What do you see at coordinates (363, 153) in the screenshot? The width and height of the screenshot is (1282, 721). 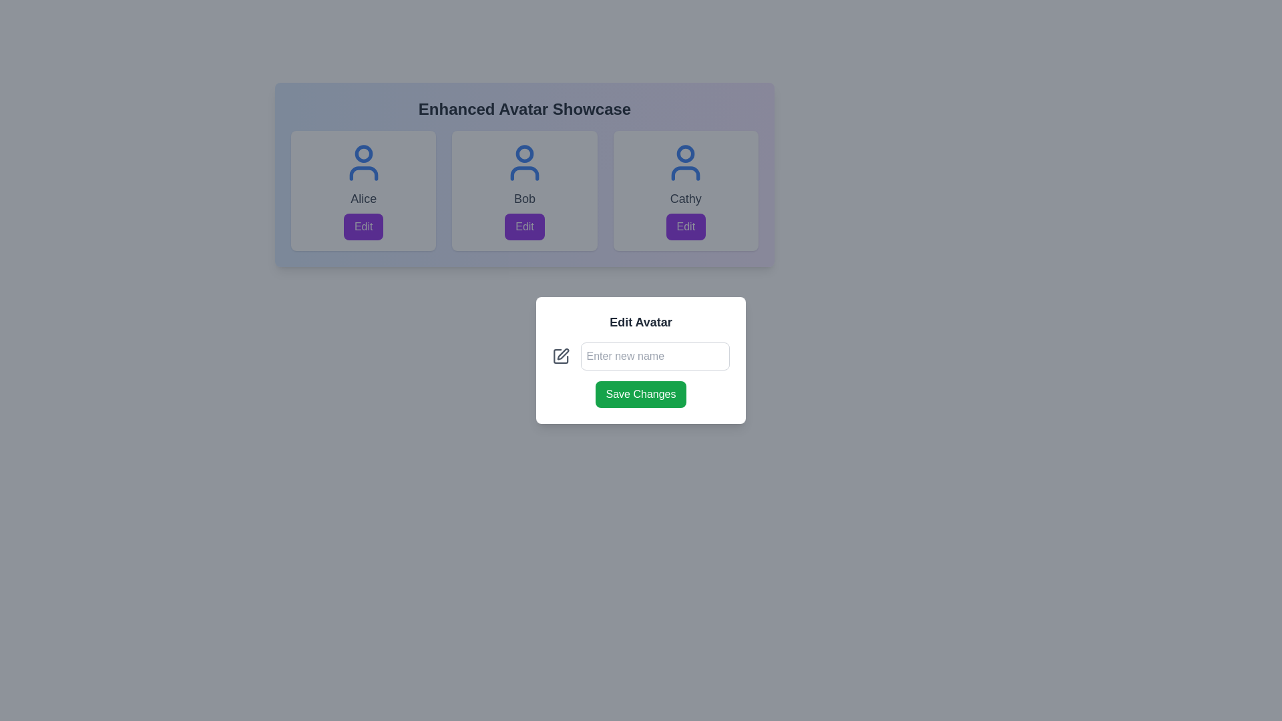 I see `the SVG Circle that is located at the head position of the avatar icon, which overlaps slightly with the avatar's head and is positioned above the 'Alice' label` at bounding box center [363, 153].